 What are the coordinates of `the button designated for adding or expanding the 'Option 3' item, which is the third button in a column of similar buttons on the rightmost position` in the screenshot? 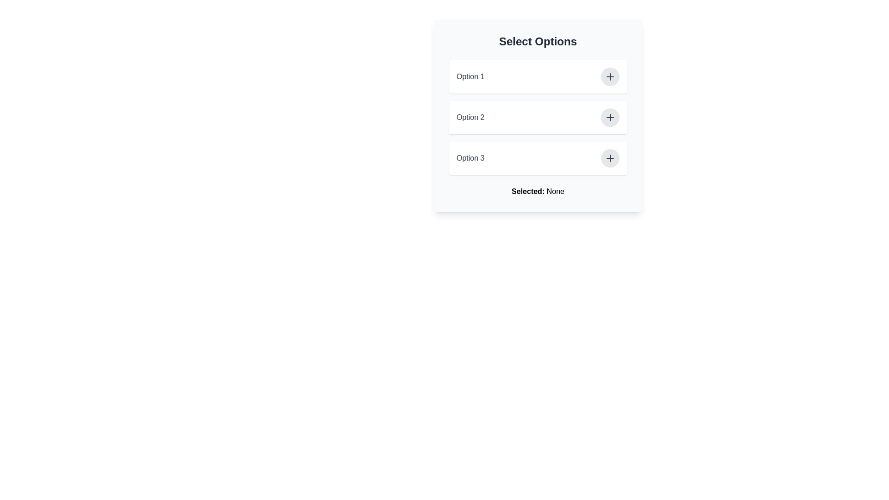 It's located at (610, 158).